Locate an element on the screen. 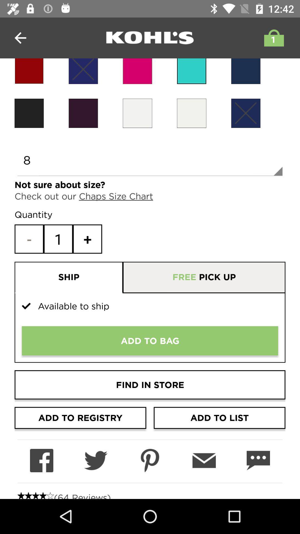 This screenshot has height=534, width=300. send product information to facebook is located at coordinates (41, 461).